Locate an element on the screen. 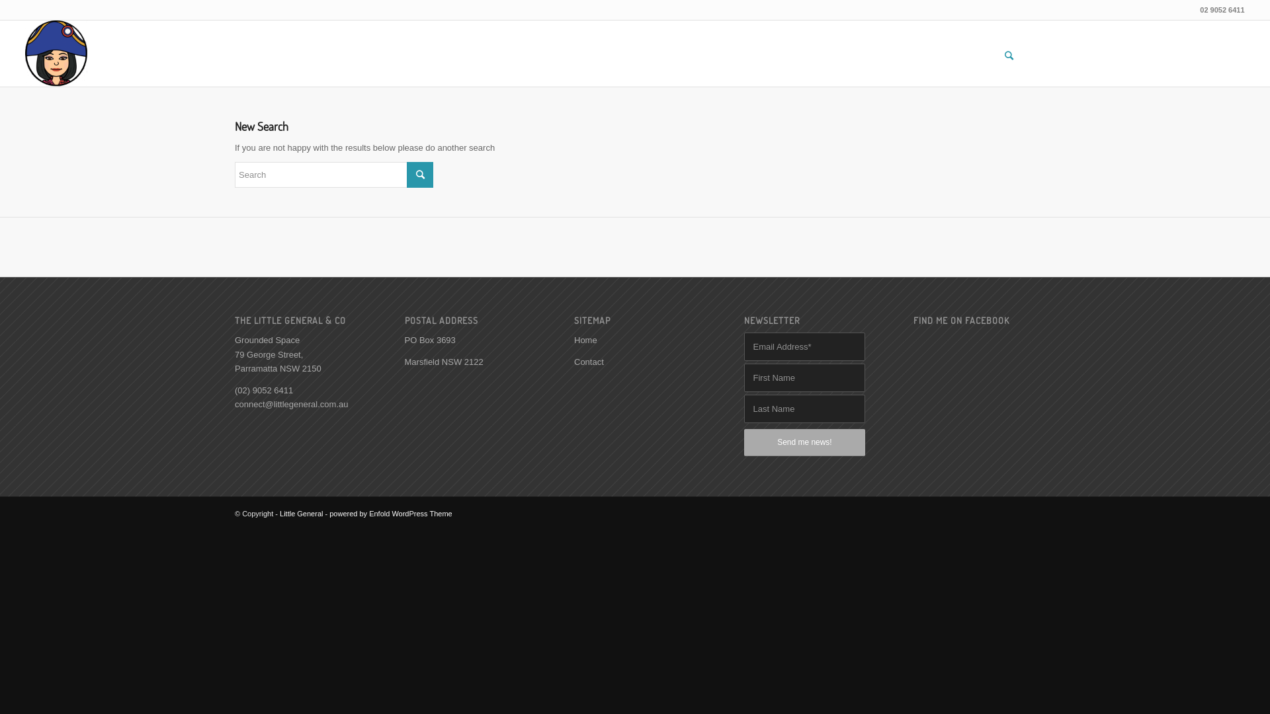  'Send me news!' is located at coordinates (743, 442).